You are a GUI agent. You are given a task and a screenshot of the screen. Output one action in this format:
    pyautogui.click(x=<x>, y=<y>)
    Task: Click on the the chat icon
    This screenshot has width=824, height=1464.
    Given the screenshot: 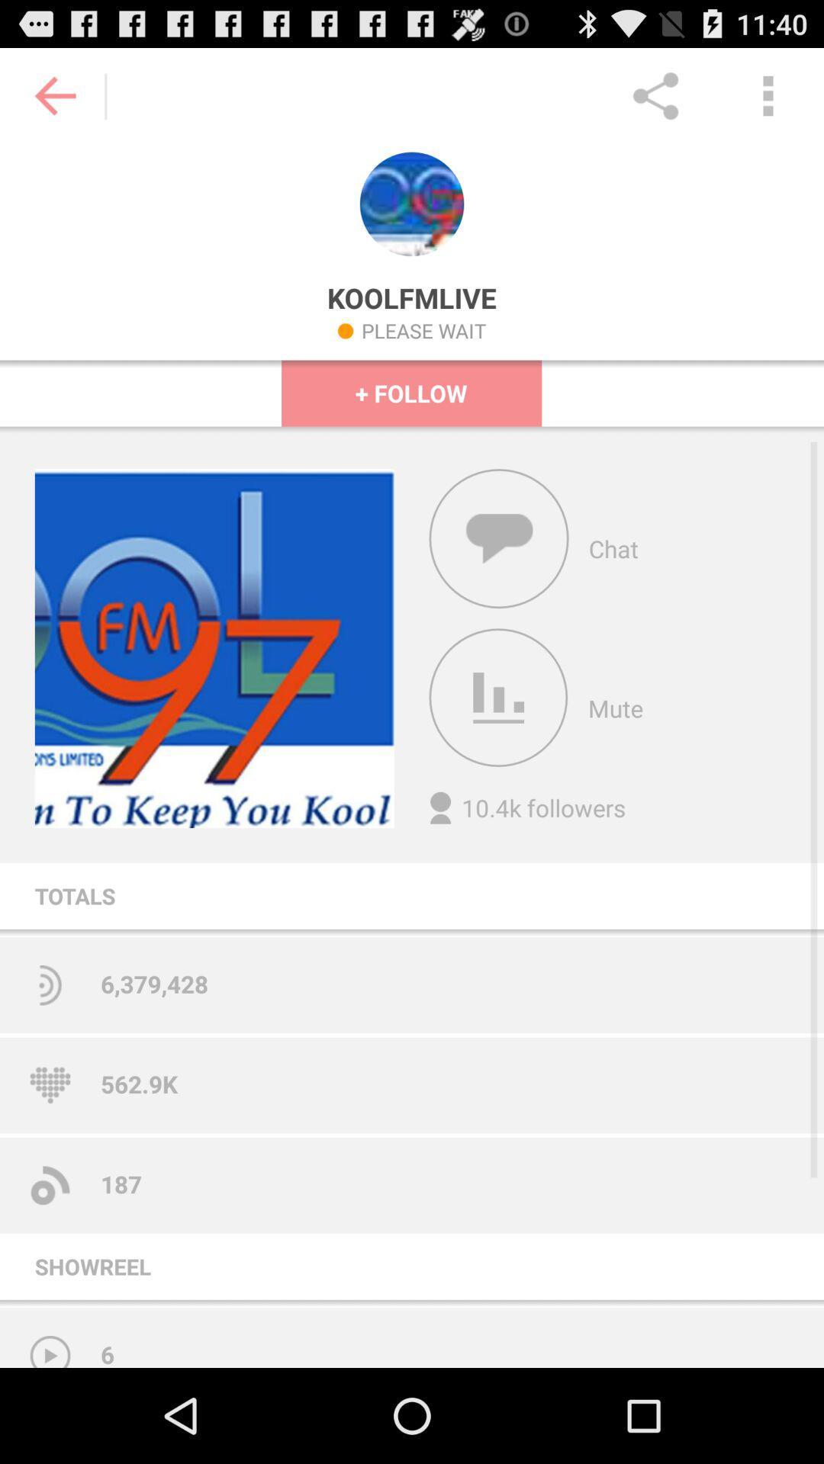 What is the action you would take?
    pyautogui.click(x=499, y=576)
    